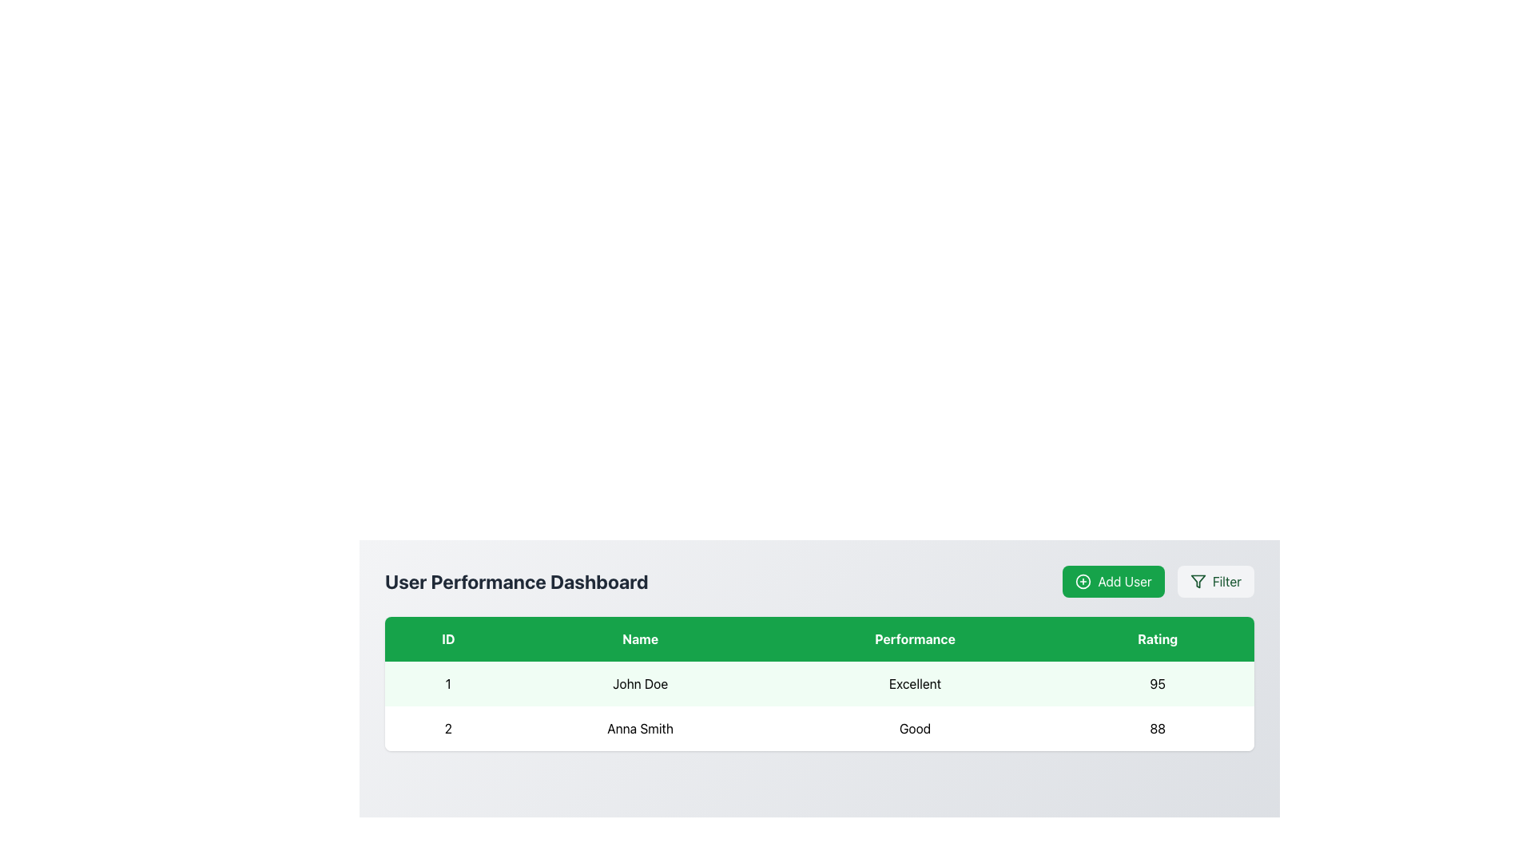 The width and height of the screenshot is (1534, 863). What do you see at coordinates (640, 683) in the screenshot?
I see `the text cell containing 'John Doe', which is the second cell in the first row of the table under the 'Name' column` at bounding box center [640, 683].